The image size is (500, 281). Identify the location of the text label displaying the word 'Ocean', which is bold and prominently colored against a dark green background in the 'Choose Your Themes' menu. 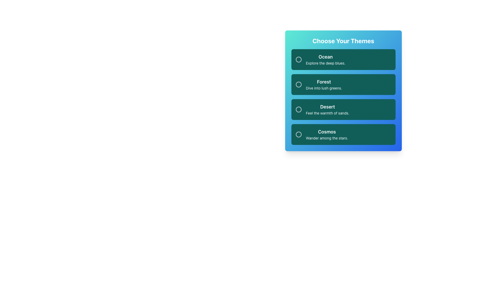
(325, 57).